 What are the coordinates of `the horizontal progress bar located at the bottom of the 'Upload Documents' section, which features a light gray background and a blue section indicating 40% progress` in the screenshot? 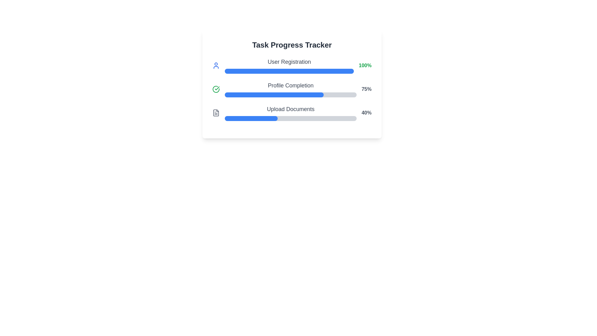 It's located at (290, 119).